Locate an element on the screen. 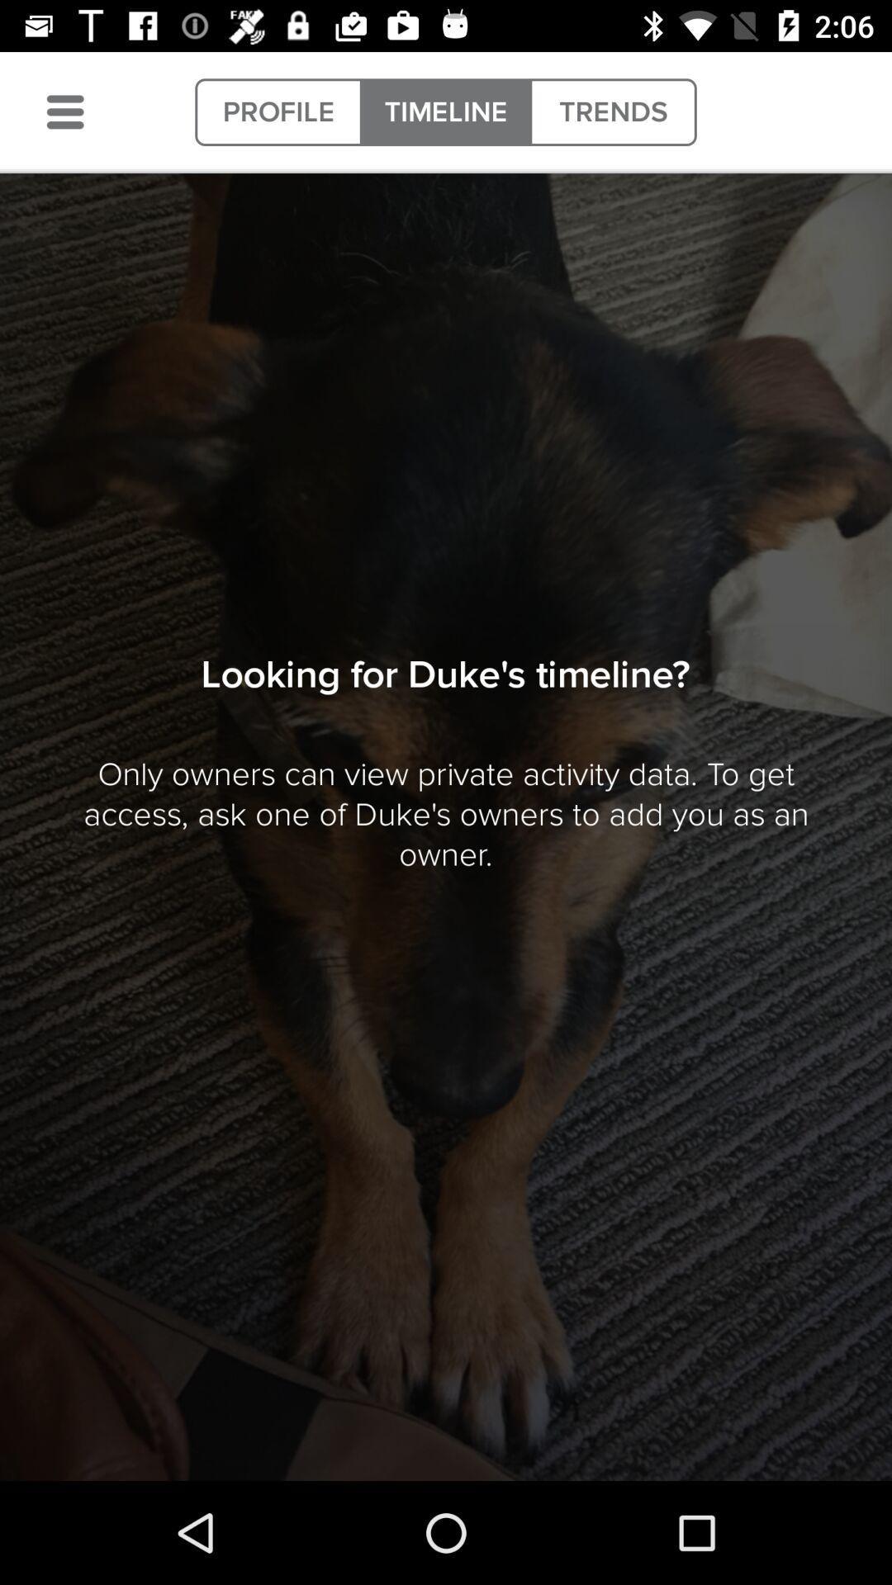  item next to timeline icon is located at coordinates (278, 111).